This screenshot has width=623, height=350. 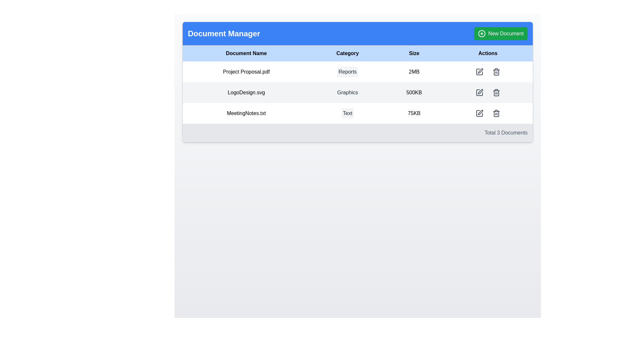 What do you see at coordinates (414, 92) in the screenshot?
I see `the static text label displaying '500KB' in the 'Size' column of the file details table` at bounding box center [414, 92].